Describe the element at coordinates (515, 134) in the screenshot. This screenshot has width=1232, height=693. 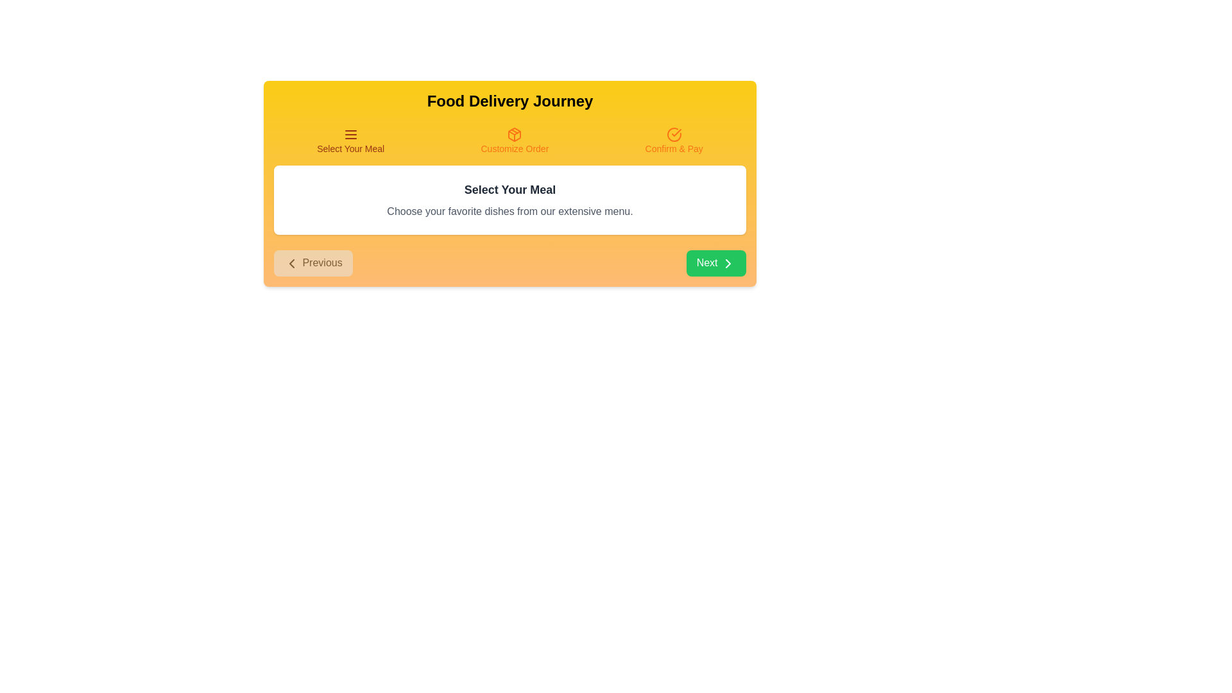
I see `the orange package icon located in the center of the three step indicators above the text 'Customize Order'` at that location.